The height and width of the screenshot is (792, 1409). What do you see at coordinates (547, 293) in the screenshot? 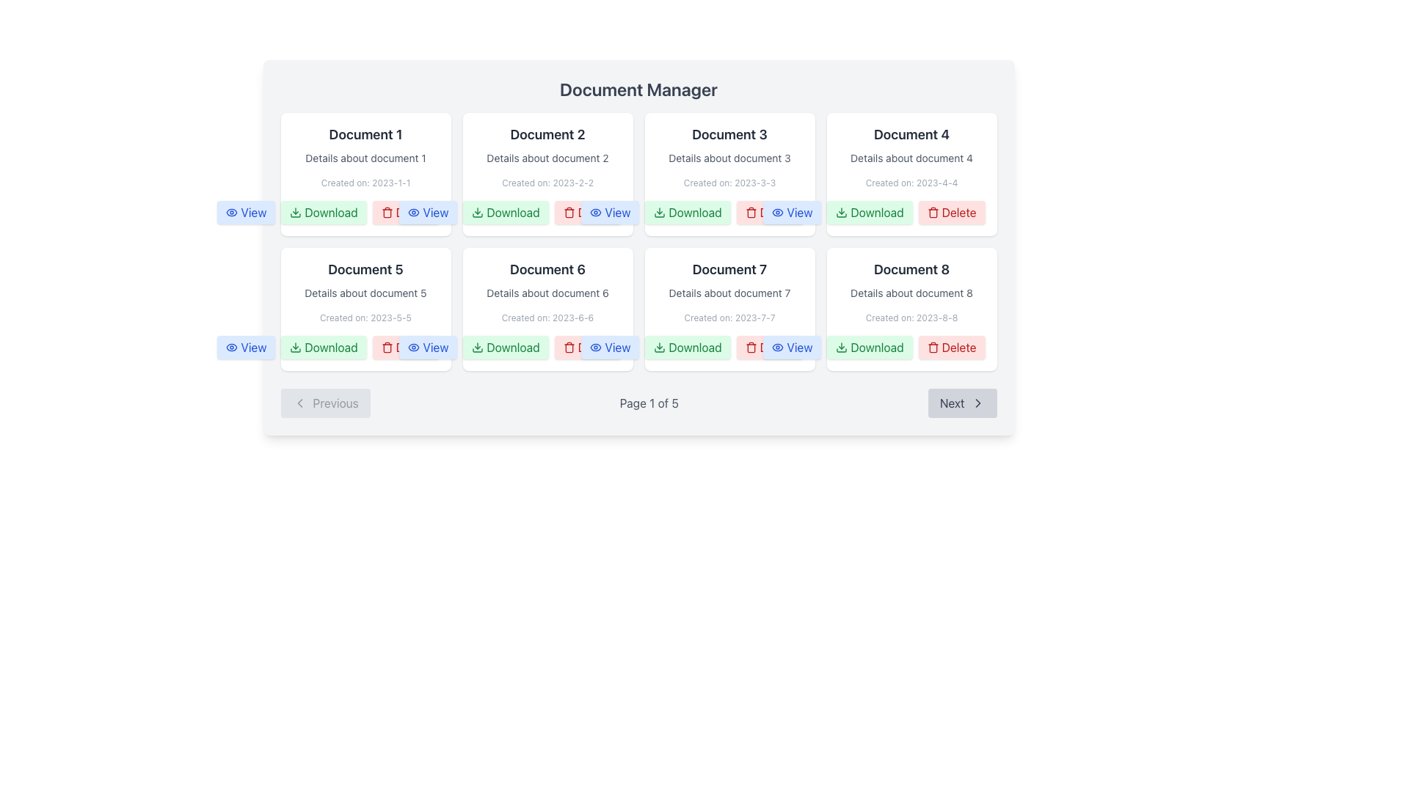
I see `text label that displays 'Details about document 6', which is located within the document card for 'Document 6'` at bounding box center [547, 293].